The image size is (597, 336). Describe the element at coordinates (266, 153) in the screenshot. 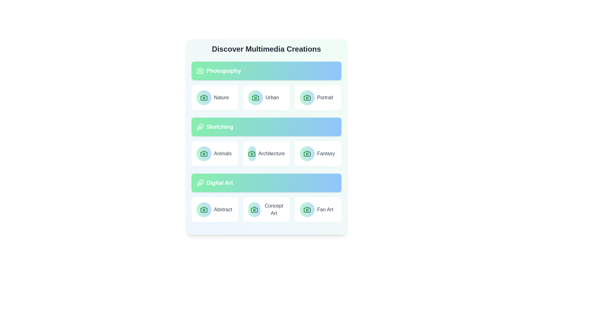

I see `the item Architecture within the category Sketching` at that location.